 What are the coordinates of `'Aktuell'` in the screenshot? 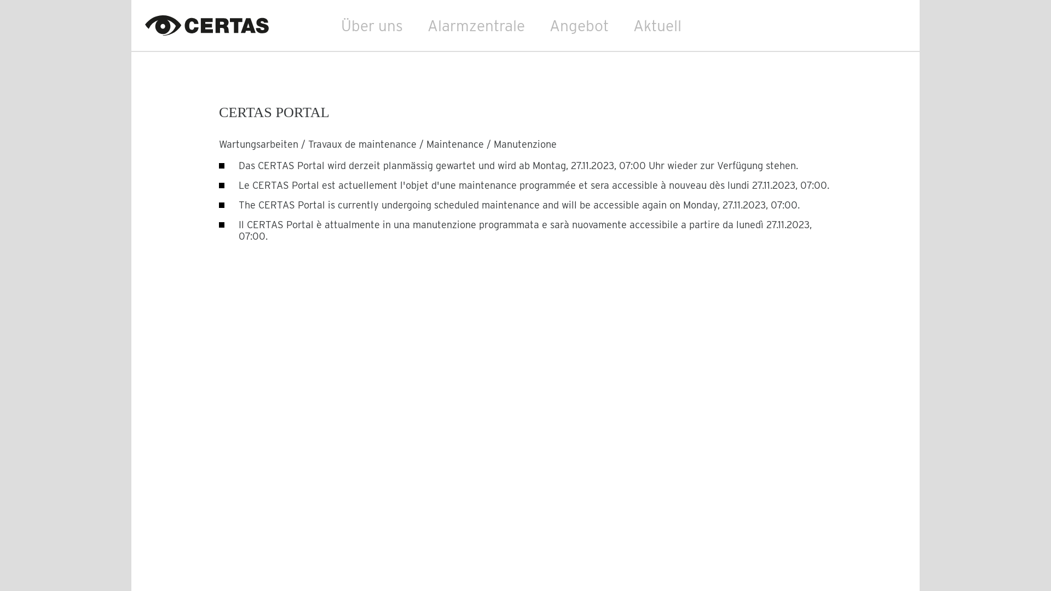 It's located at (657, 25).